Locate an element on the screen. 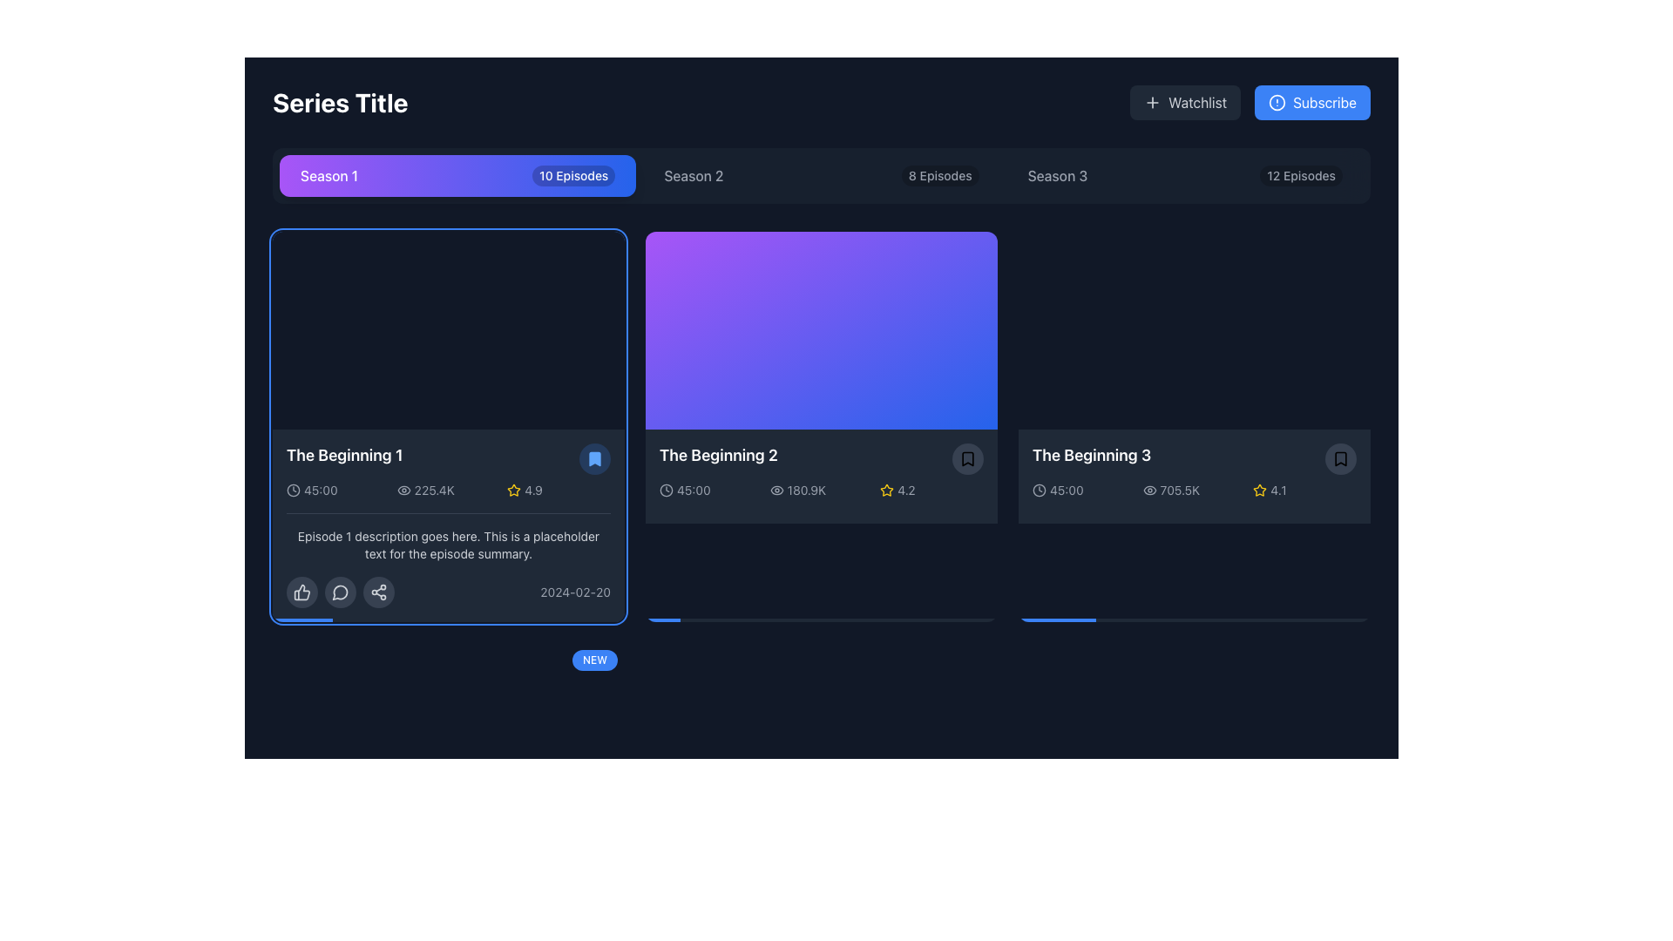 The image size is (1673, 941). the playback button for the episode titled 'The Beginning 1' is located at coordinates (448, 426).